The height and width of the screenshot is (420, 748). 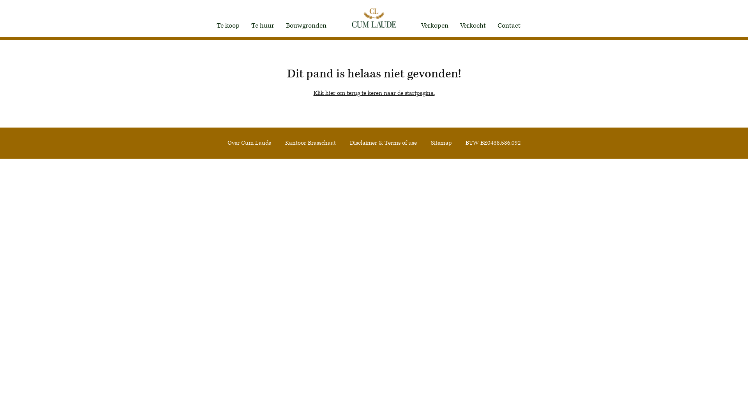 I want to click on 'Klik hier om terug te keren naar de startpagina.', so click(x=373, y=93).